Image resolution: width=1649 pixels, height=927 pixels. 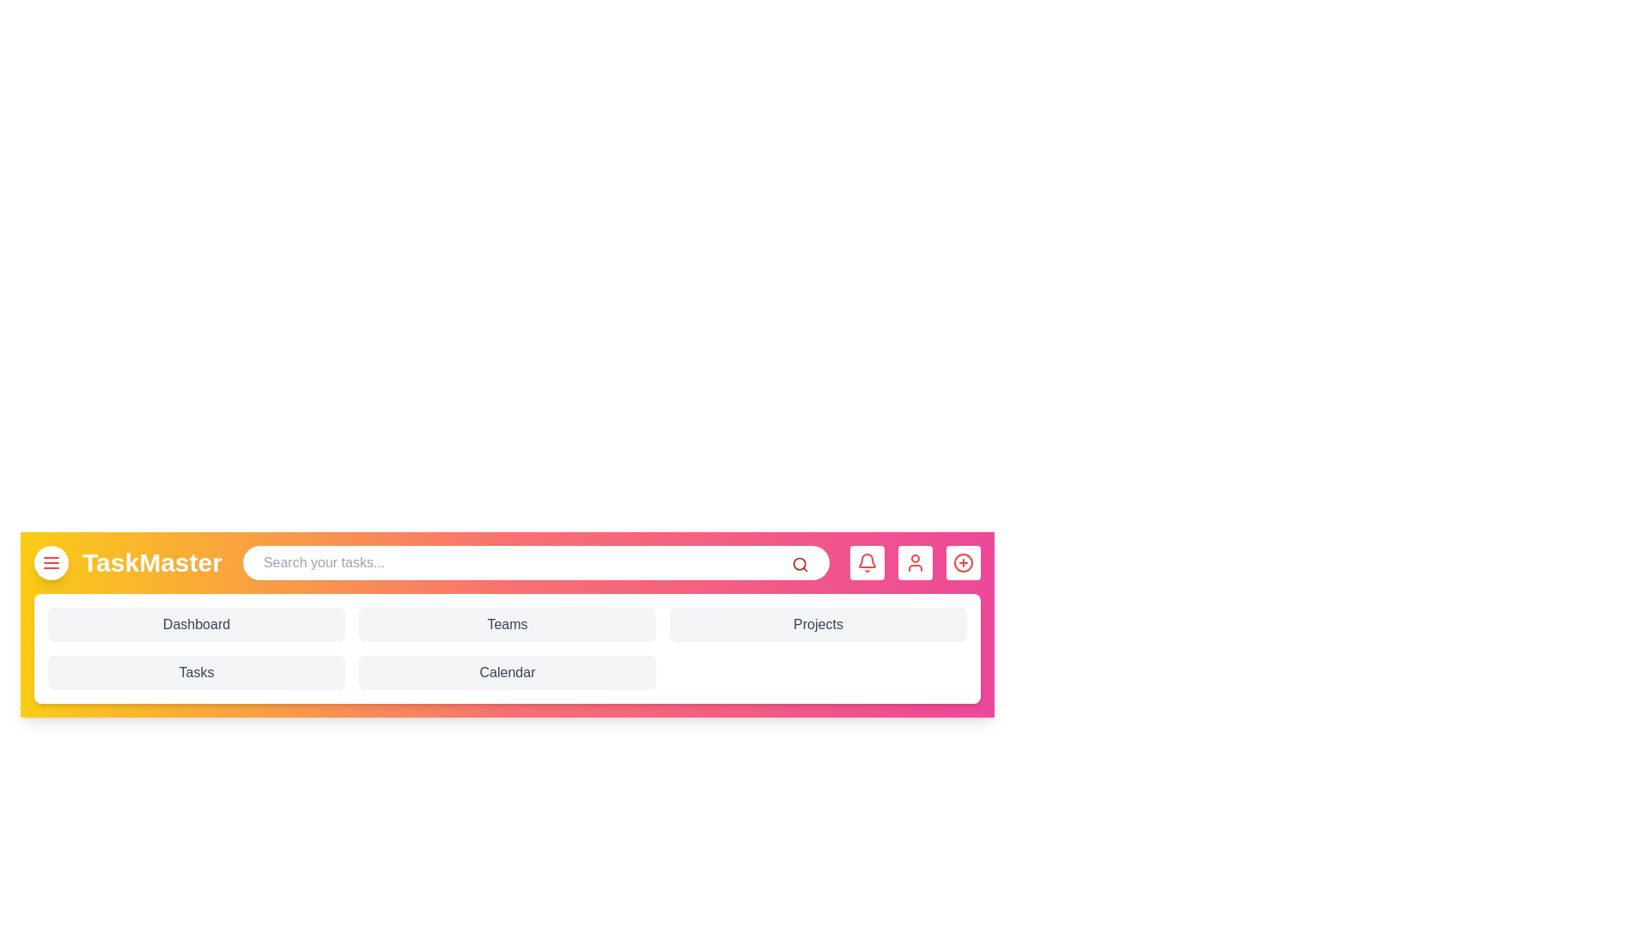 What do you see at coordinates (914, 562) in the screenshot?
I see `the 'User' icon button to access user profile settings` at bounding box center [914, 562].